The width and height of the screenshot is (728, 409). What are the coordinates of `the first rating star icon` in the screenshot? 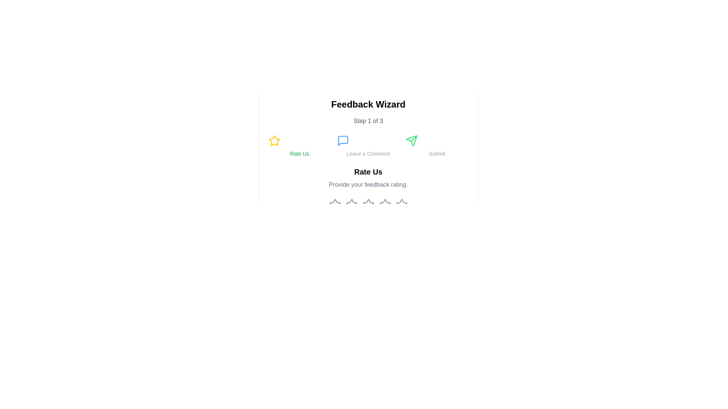 It's located at (334, 204).